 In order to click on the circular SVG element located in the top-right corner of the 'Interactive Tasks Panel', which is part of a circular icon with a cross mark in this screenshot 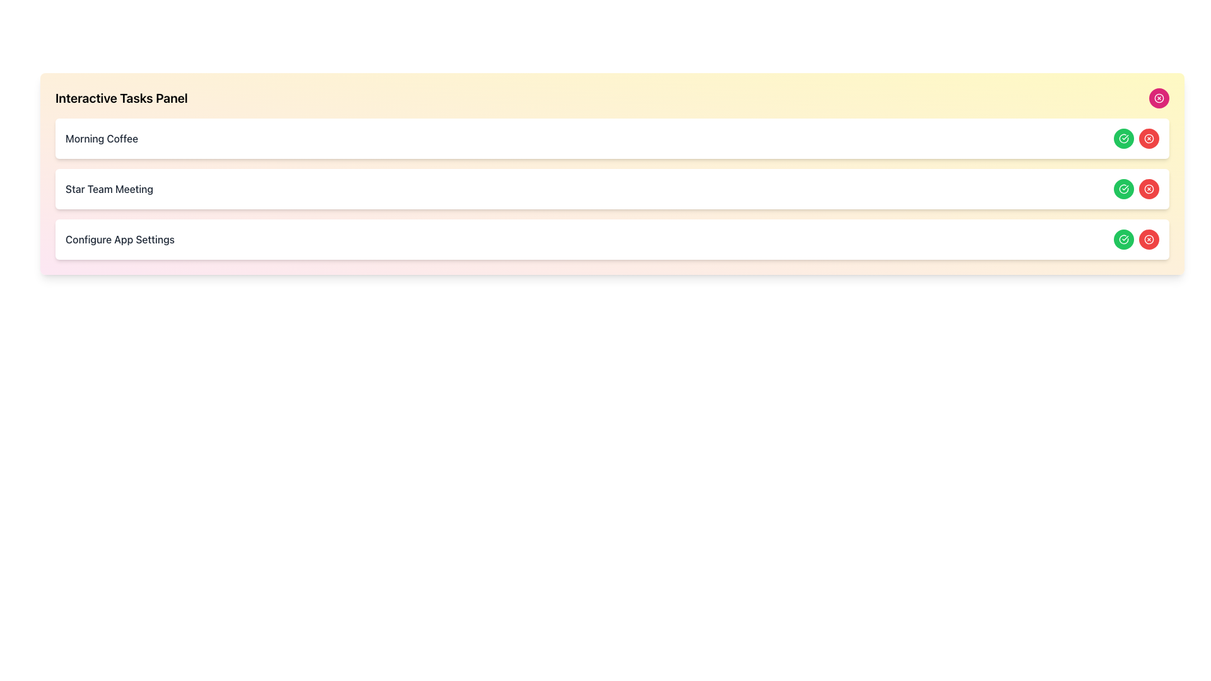, I will do `click(1159, 97)`.